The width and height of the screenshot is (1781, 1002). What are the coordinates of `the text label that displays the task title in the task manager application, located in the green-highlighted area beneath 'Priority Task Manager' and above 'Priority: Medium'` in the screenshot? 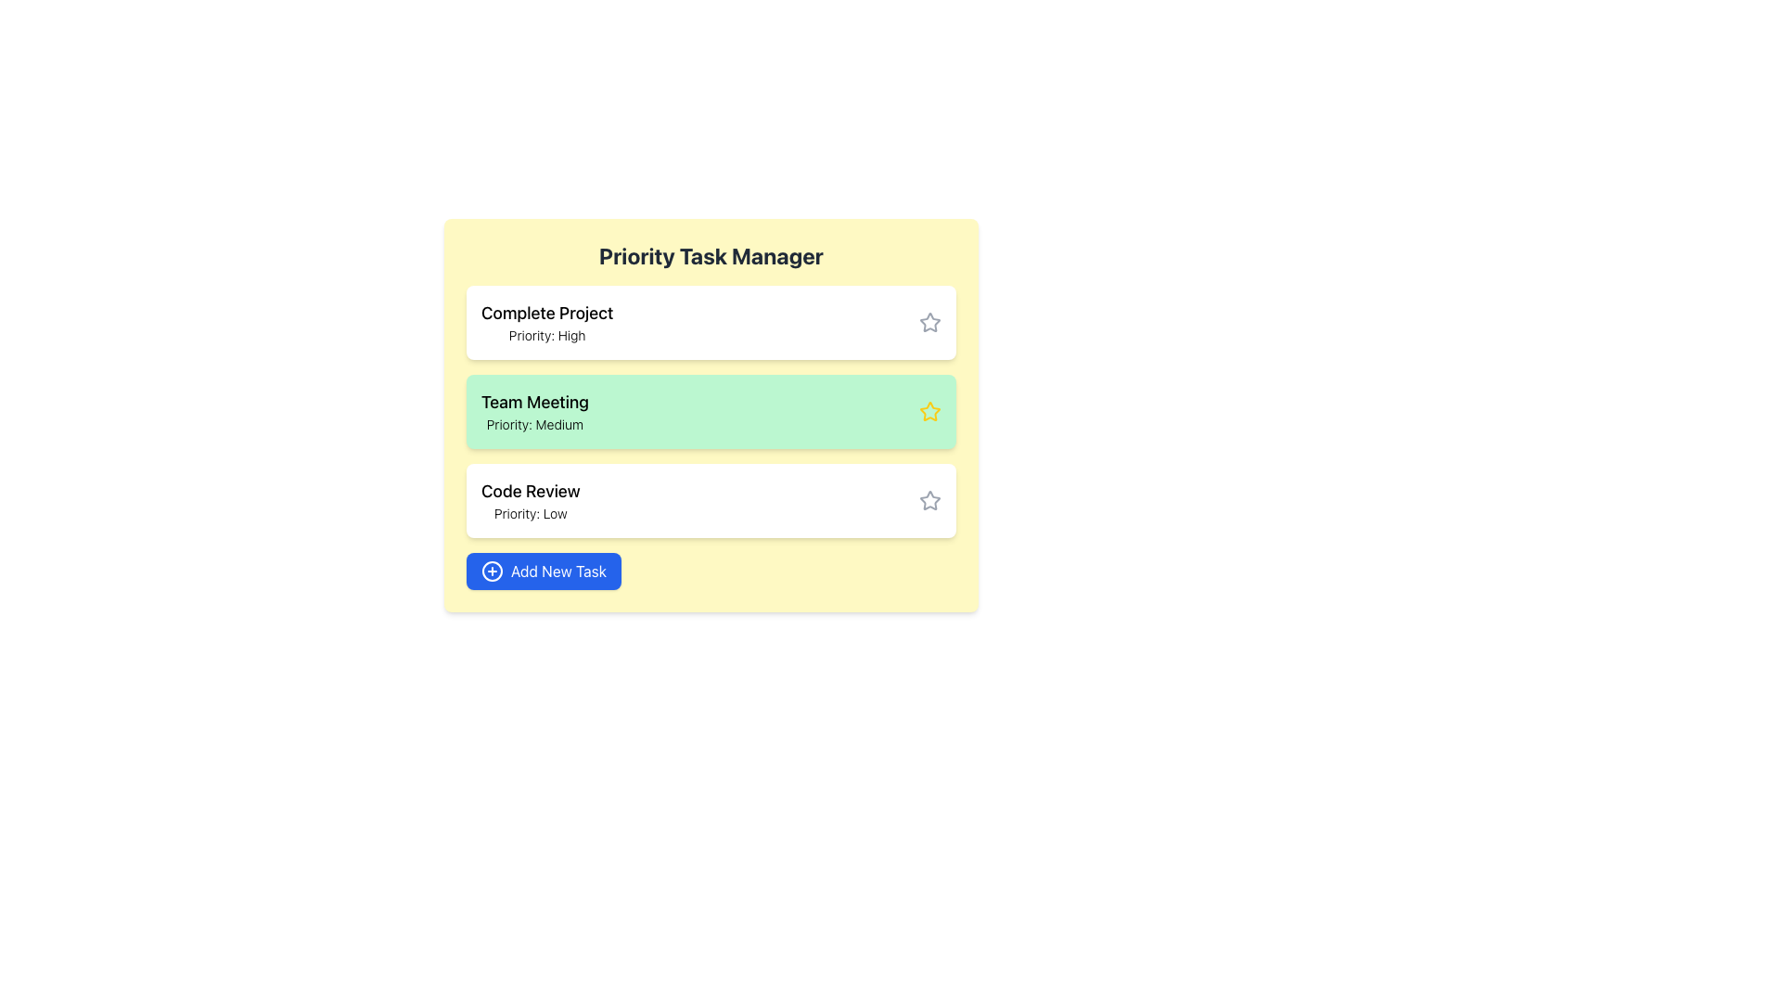 It's located at (533, 402).